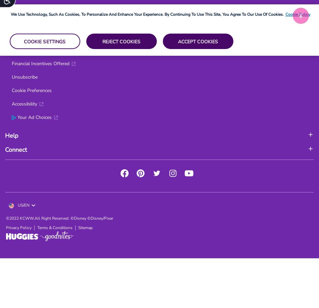  What do you see at coordinates (65, 10) in the screenshot?
I see `'Limit the Use of My Sensitive Personal Information'` at bounding box center [65, 10].